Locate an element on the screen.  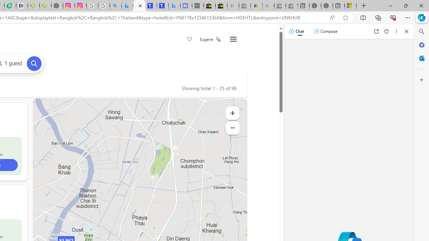
'Save' is located at coordinates (189, 39).